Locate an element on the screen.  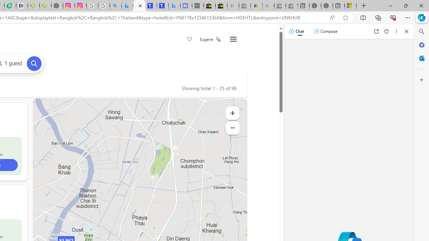
'Save' is located at coordinates (189, 39).